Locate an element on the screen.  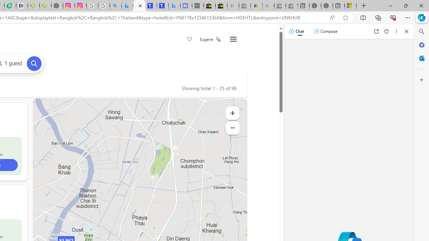
'Save' is located at coordinates (189, 39).